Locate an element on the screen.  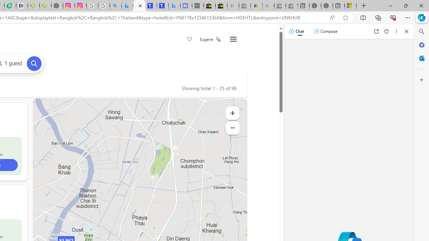
'Save' is located at coordinates (189, 39).